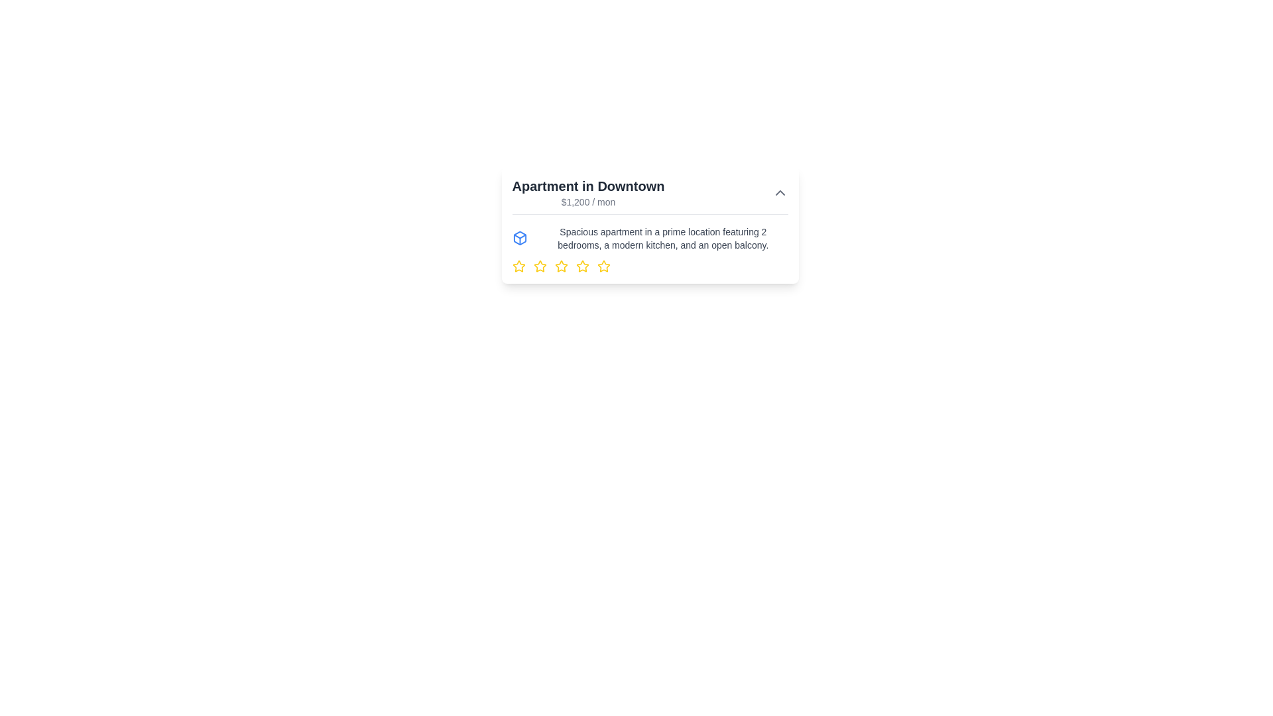 The width and height of the screenshot is (1273, 716). Describe the element at coordinates (650, 237) in the screenshot. I see `Text and Icon Group element that is visually styled with a blue box-like icon on the left and a detailed text description on the right, positioned below the title of the property listing` at that location.